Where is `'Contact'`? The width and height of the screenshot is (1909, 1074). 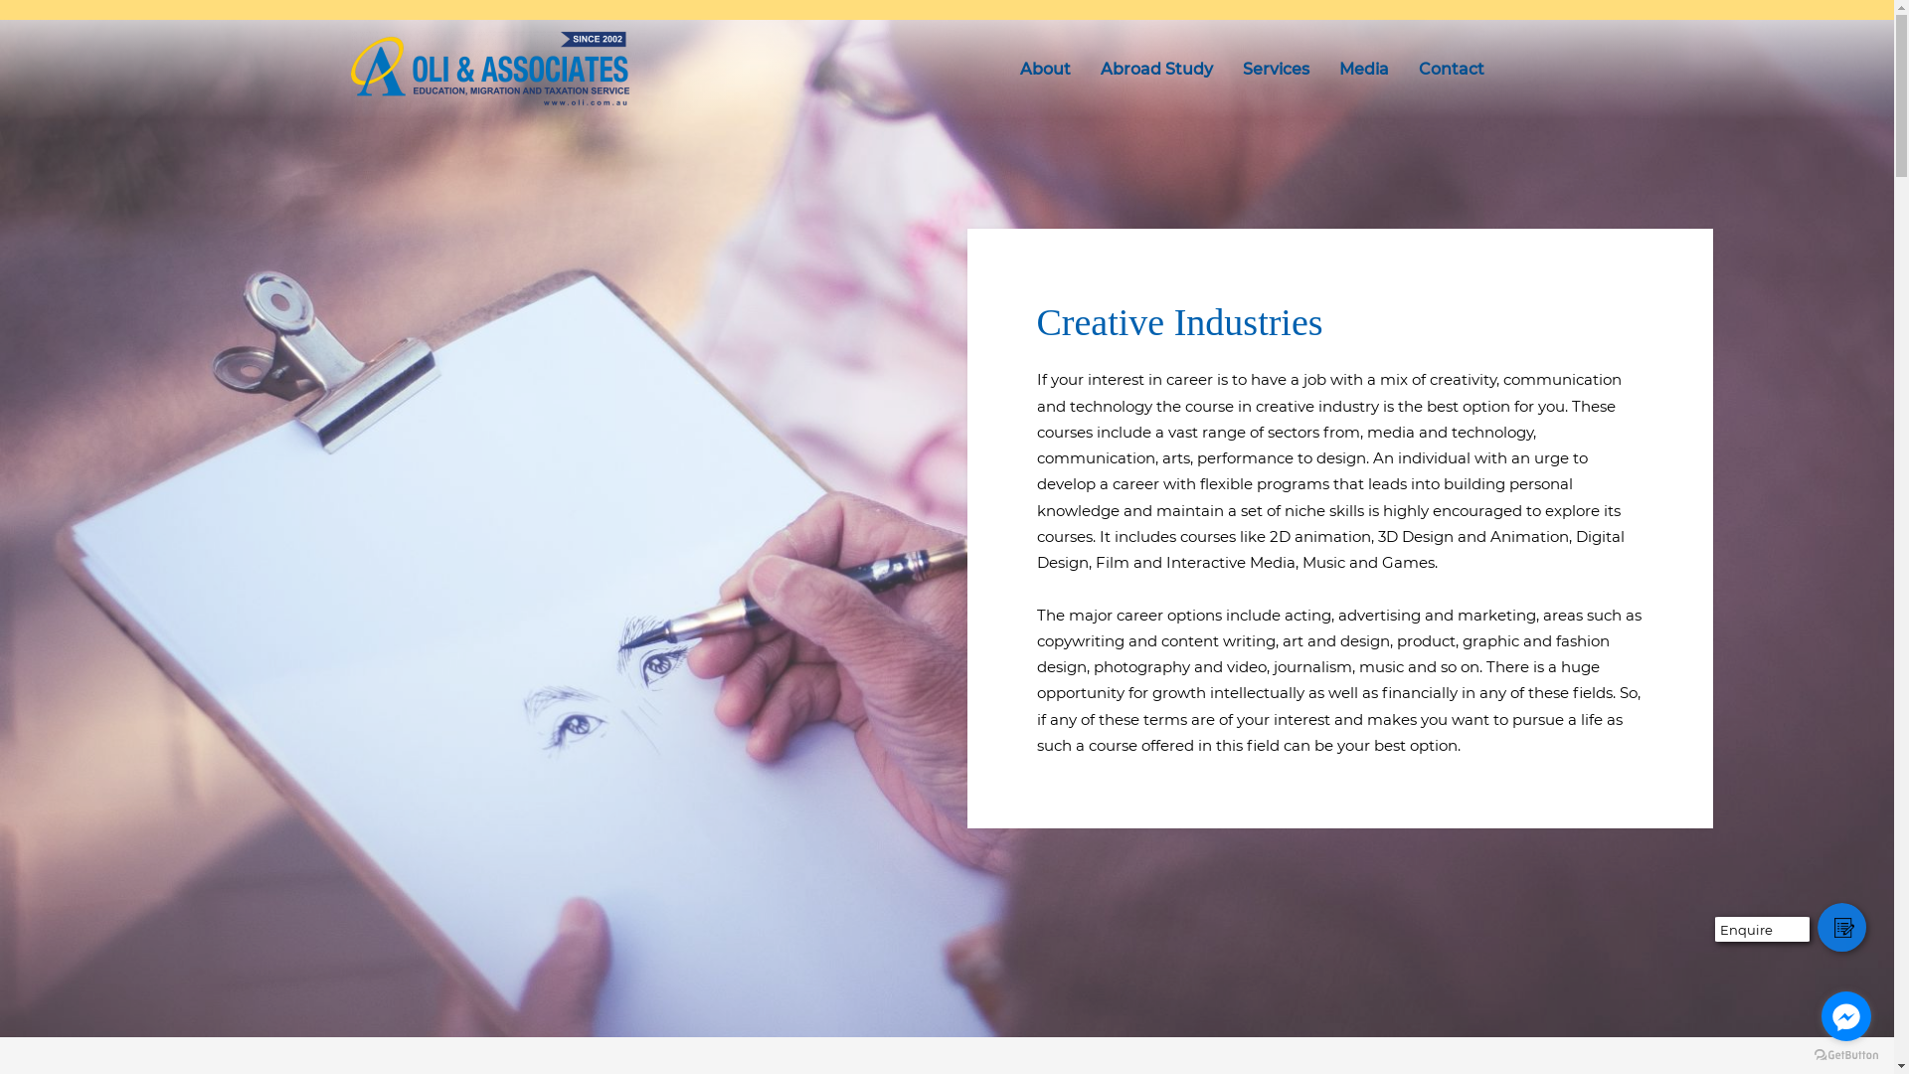 'Contact' is located at coordinates (1451, 68).